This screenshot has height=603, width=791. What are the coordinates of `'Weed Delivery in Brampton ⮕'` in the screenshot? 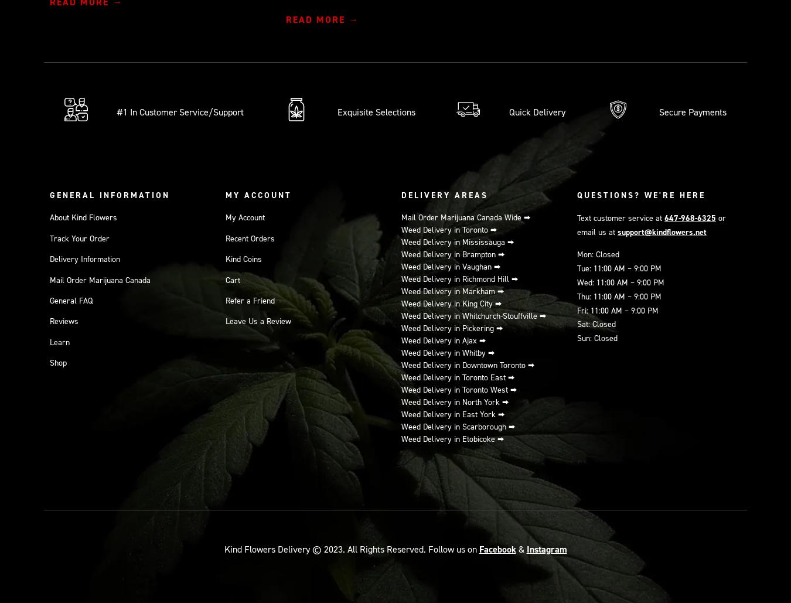 It's located at (452, 254).